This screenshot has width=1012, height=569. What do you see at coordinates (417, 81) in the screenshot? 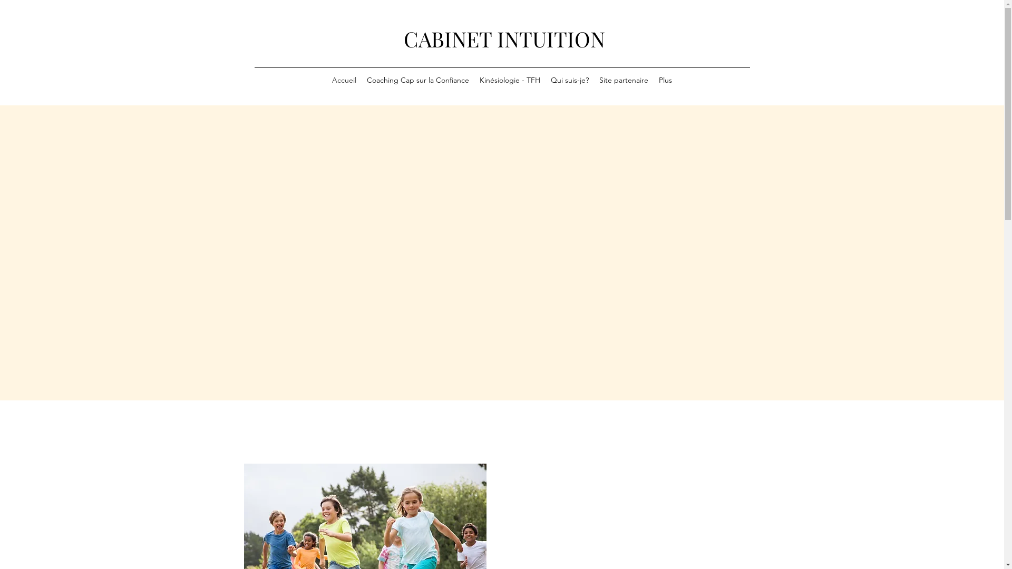
I see `'Coaching Cap sur la Confiance'` at bounding box center [417, 81].